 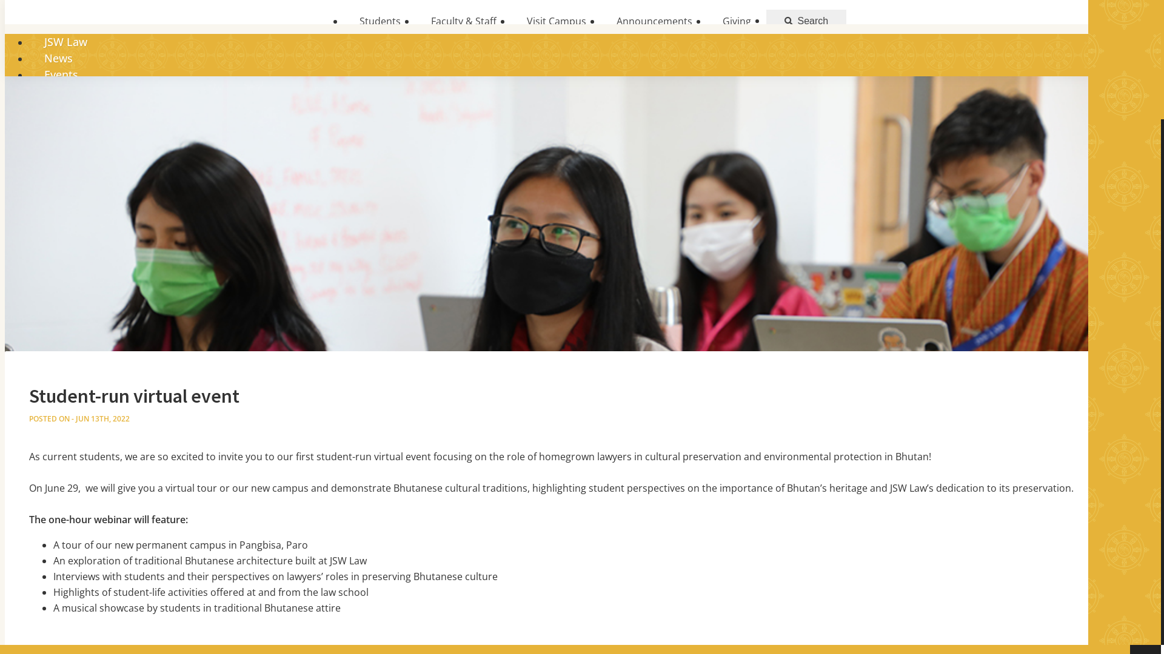 What do you see at coordinates (654, 21) in the screenshot?
I see `'Announcements'` at bounding box center [654, 21].